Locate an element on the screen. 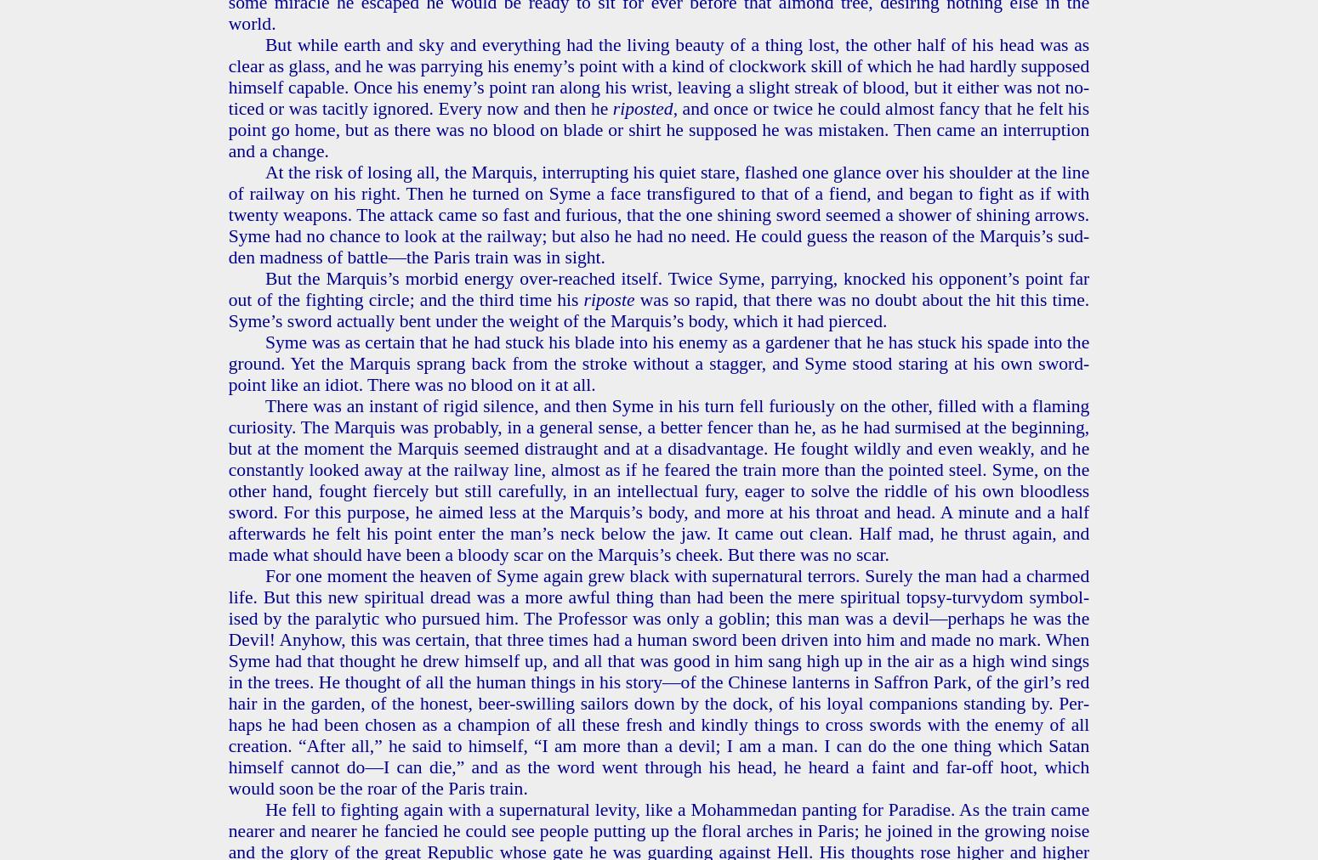 Image resolution: width=1318 pixels, height=860 pixels. 'ri­poste' is located at coordinates (582, 297).